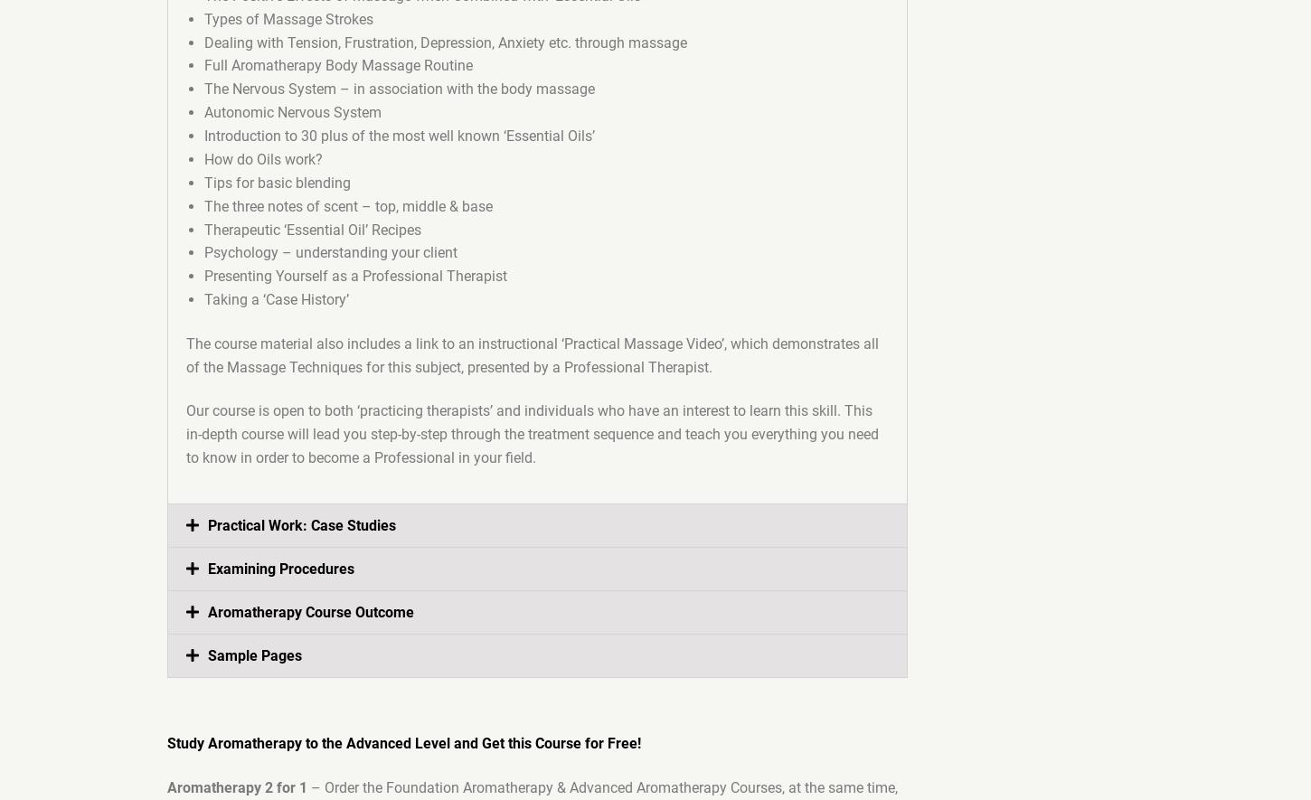 This screenshot has width=1311, height=800. Describe the element at coordinates (398, 135) in the screenshot. I see `'Introduction to 30 plus of the most well known ‘Essential Oils’'` at that location.